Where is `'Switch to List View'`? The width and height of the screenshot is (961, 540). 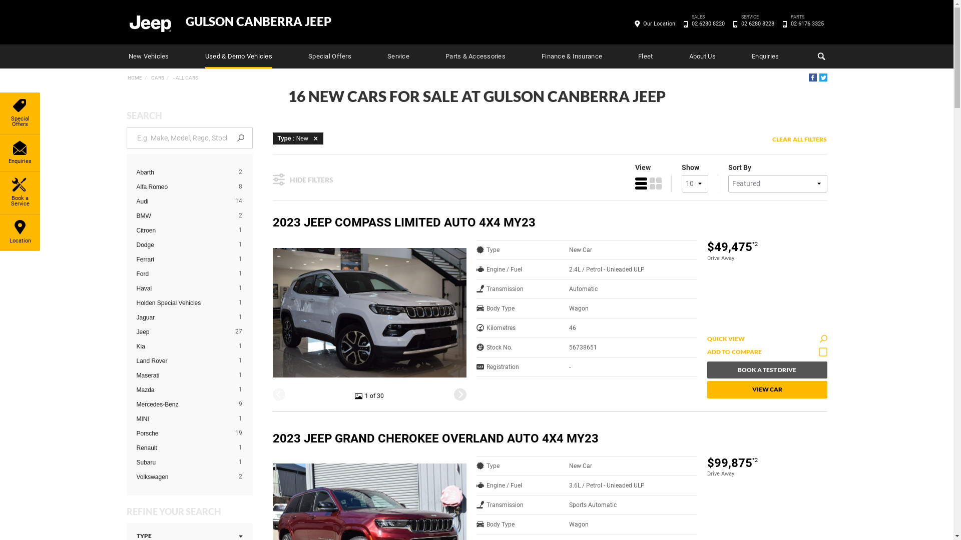
'Switch to List View' is located at coordinates (641, 183).